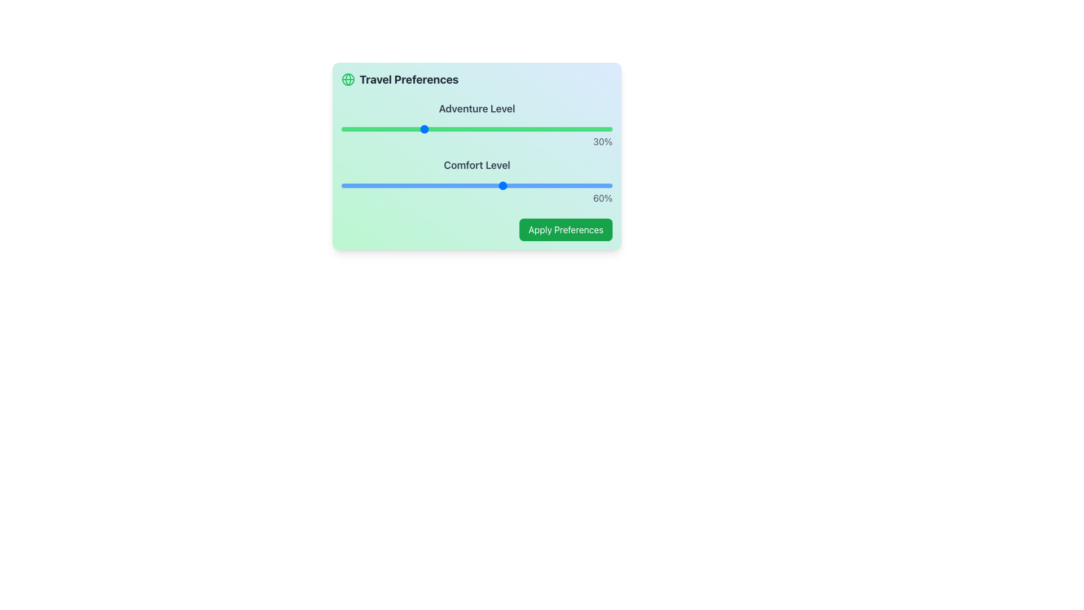  What do you see at coordinates (387, 128) in the screenshot?
I see `the adventure level` at bounding box center [387, 128].